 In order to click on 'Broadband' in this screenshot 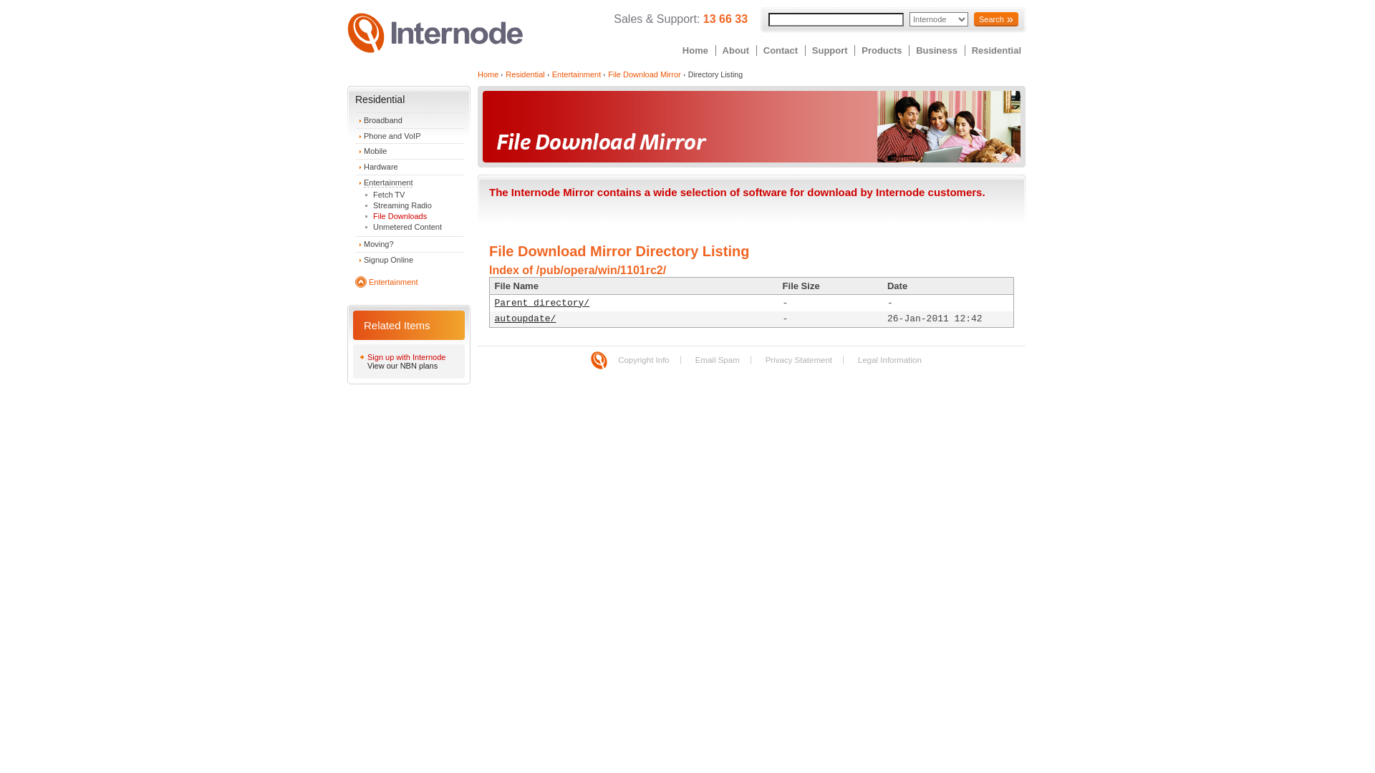, I will do `click(364, 120)`.